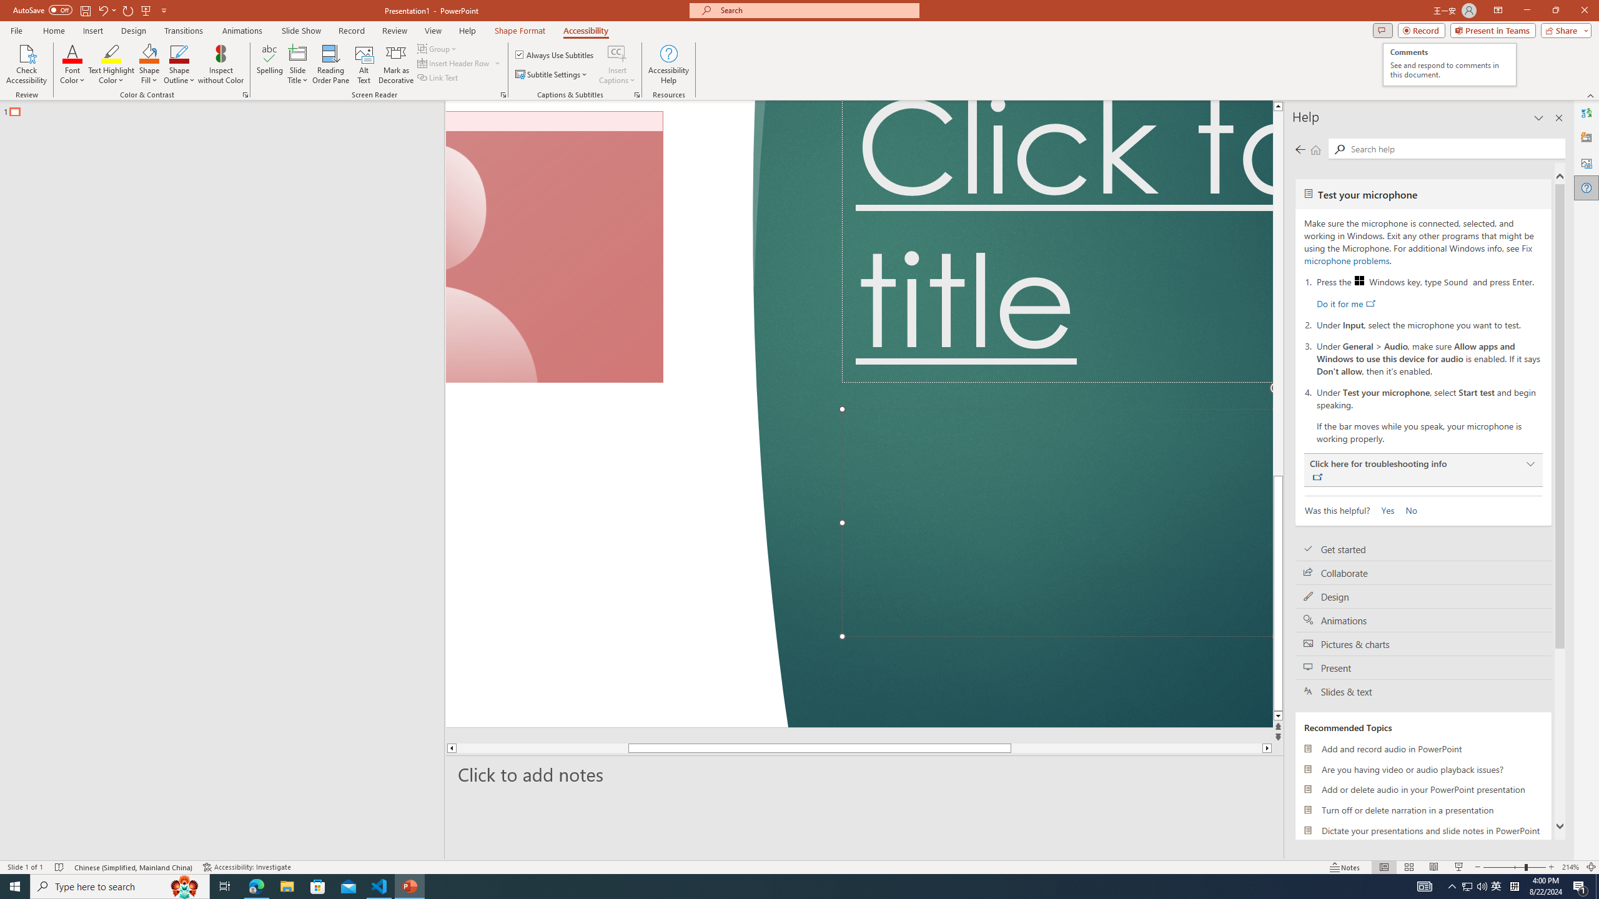  What do you see at coordinates (1423, 748) in the screenshot?
I see `'Add and record audio in PowerPoint'` at bounding box center [1423, 748].